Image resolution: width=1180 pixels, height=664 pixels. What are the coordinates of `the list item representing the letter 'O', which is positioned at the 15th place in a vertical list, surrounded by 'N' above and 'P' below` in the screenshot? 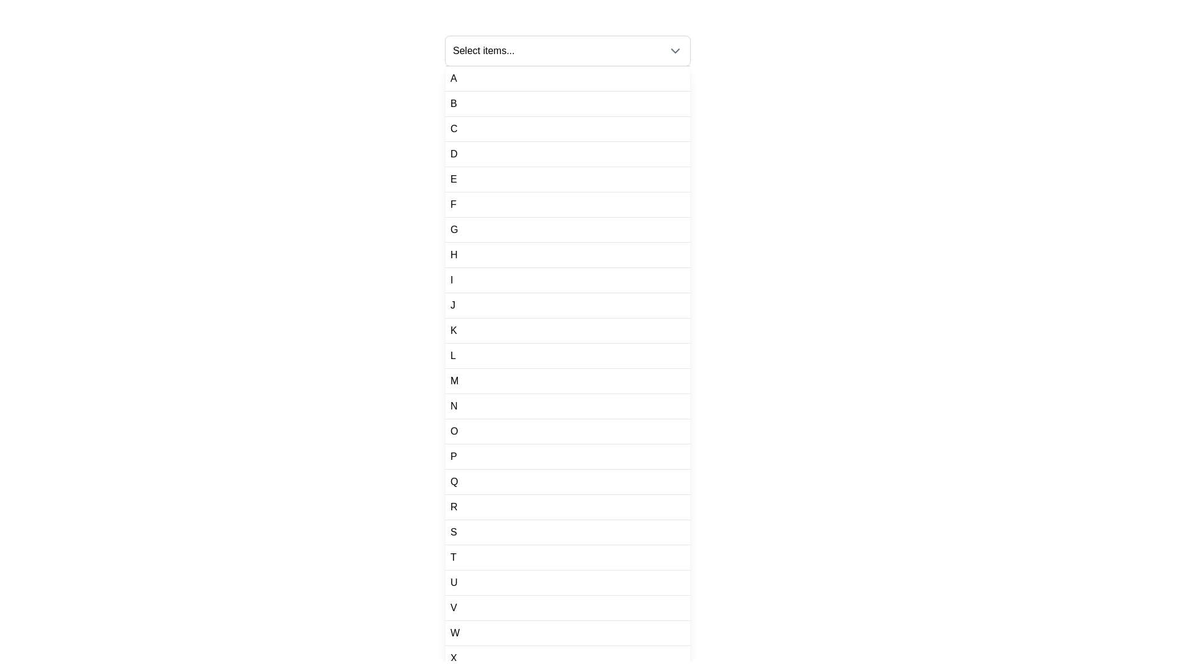 It's located at (567, 431).